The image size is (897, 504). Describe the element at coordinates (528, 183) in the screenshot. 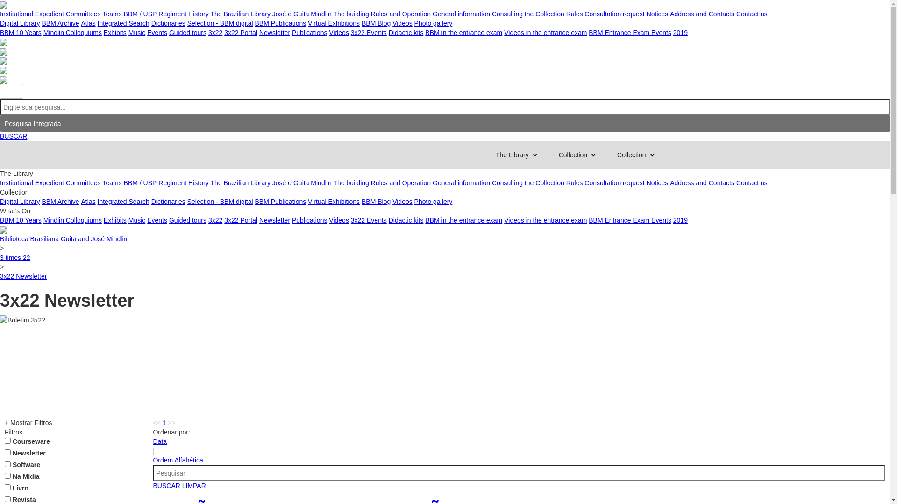

I see `'Consulting the Collection'` at that location.